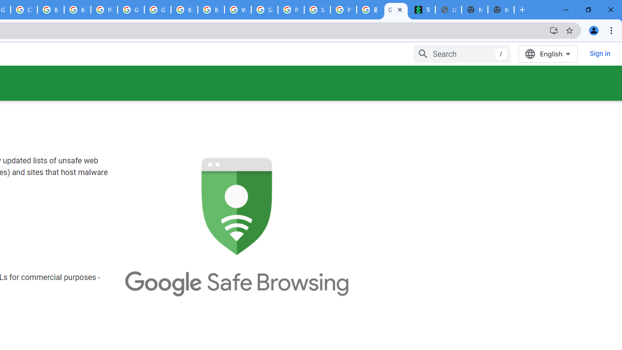 The image size is (622, 350). What do you see at coordinates (553, 30) in the screenshot?
I see `'Install Google Developers'` at bounding box center [553, 30].